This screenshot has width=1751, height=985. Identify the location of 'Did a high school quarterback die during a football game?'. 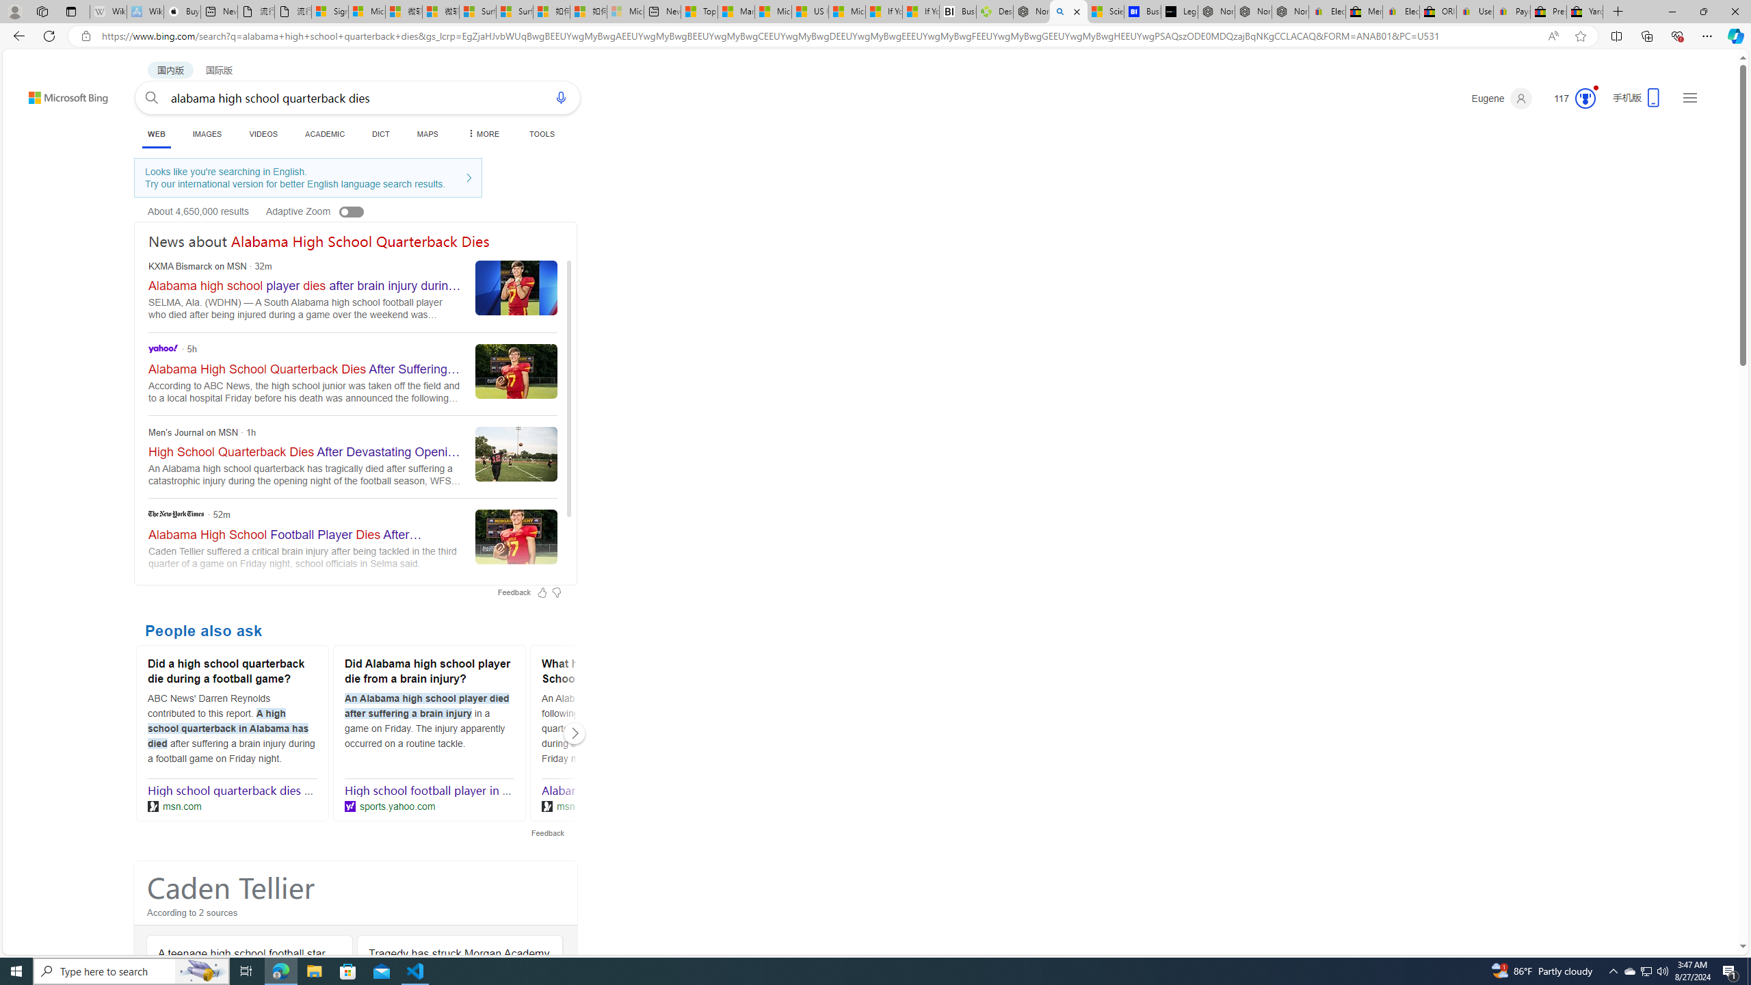
(231, 673).